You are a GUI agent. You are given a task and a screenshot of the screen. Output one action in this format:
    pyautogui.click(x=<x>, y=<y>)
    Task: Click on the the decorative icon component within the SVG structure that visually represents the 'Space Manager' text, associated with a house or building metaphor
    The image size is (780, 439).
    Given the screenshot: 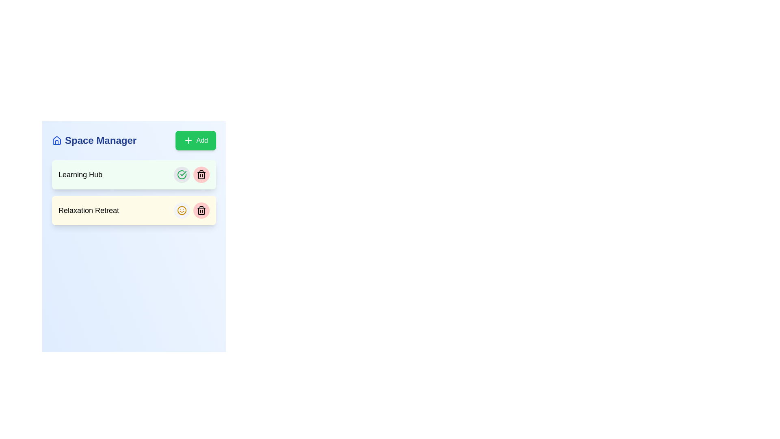 What is the action you would take?
    pyautogui.click(x=56, y=139)
    